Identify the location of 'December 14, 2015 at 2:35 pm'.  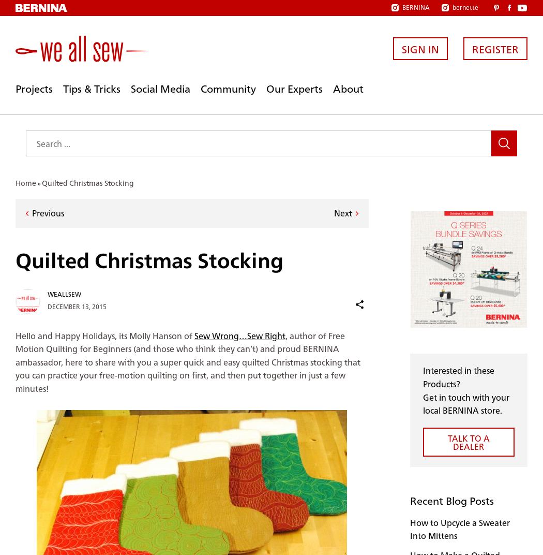
(93, 182).